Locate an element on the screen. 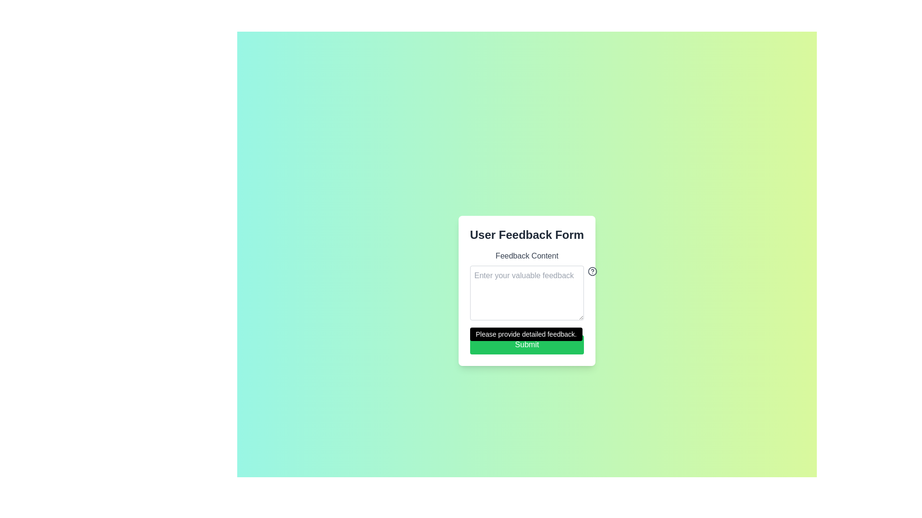  the small circular help button with a question mark icon located to the right of the 'Feedback Content' text input box is located at coordinates (590, 271).